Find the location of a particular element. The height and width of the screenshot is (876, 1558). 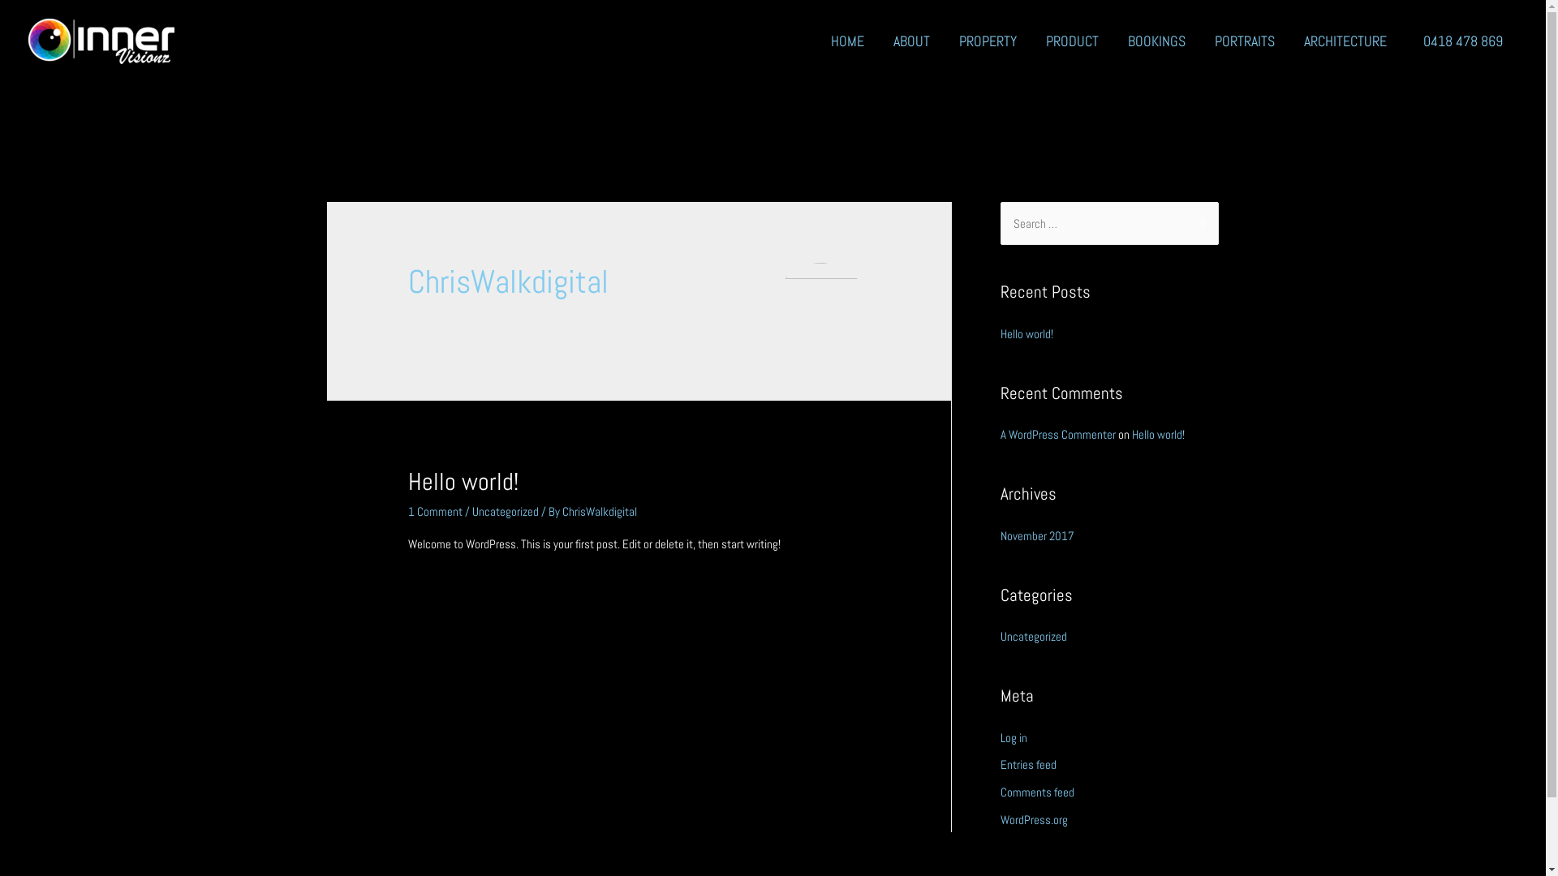

'ARCHITECTURE' is located at coordinates (1288, 40).